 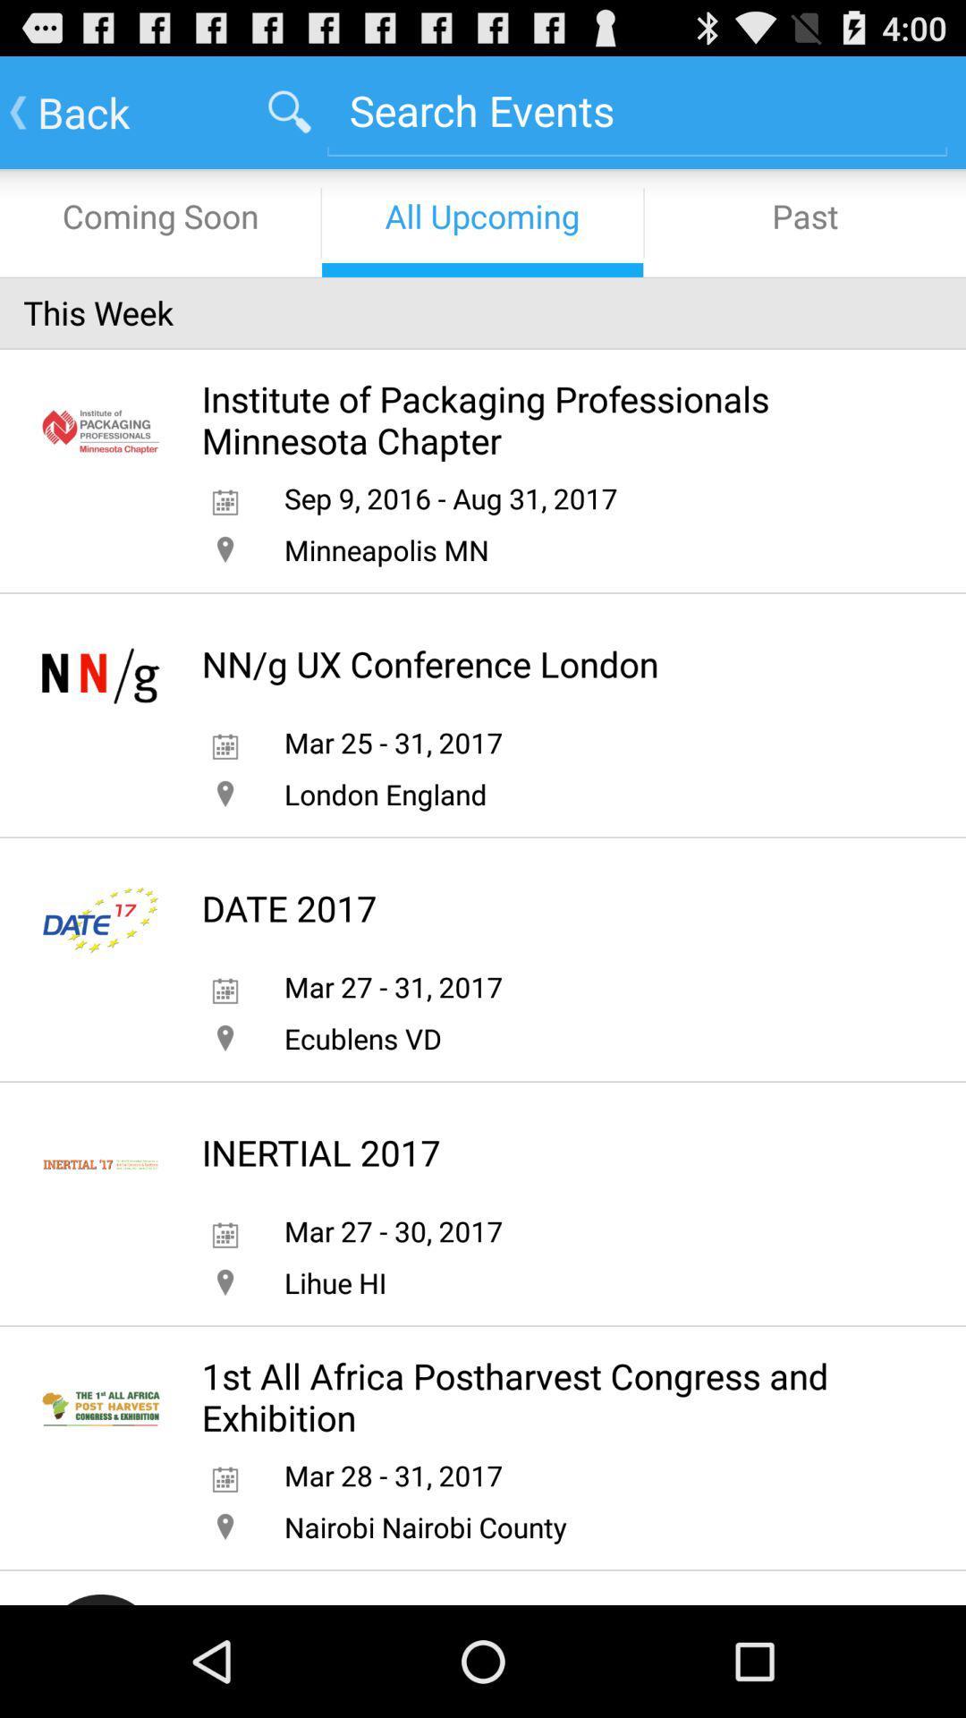 I want to click on lihue hi, so click(x=335, y=1281).